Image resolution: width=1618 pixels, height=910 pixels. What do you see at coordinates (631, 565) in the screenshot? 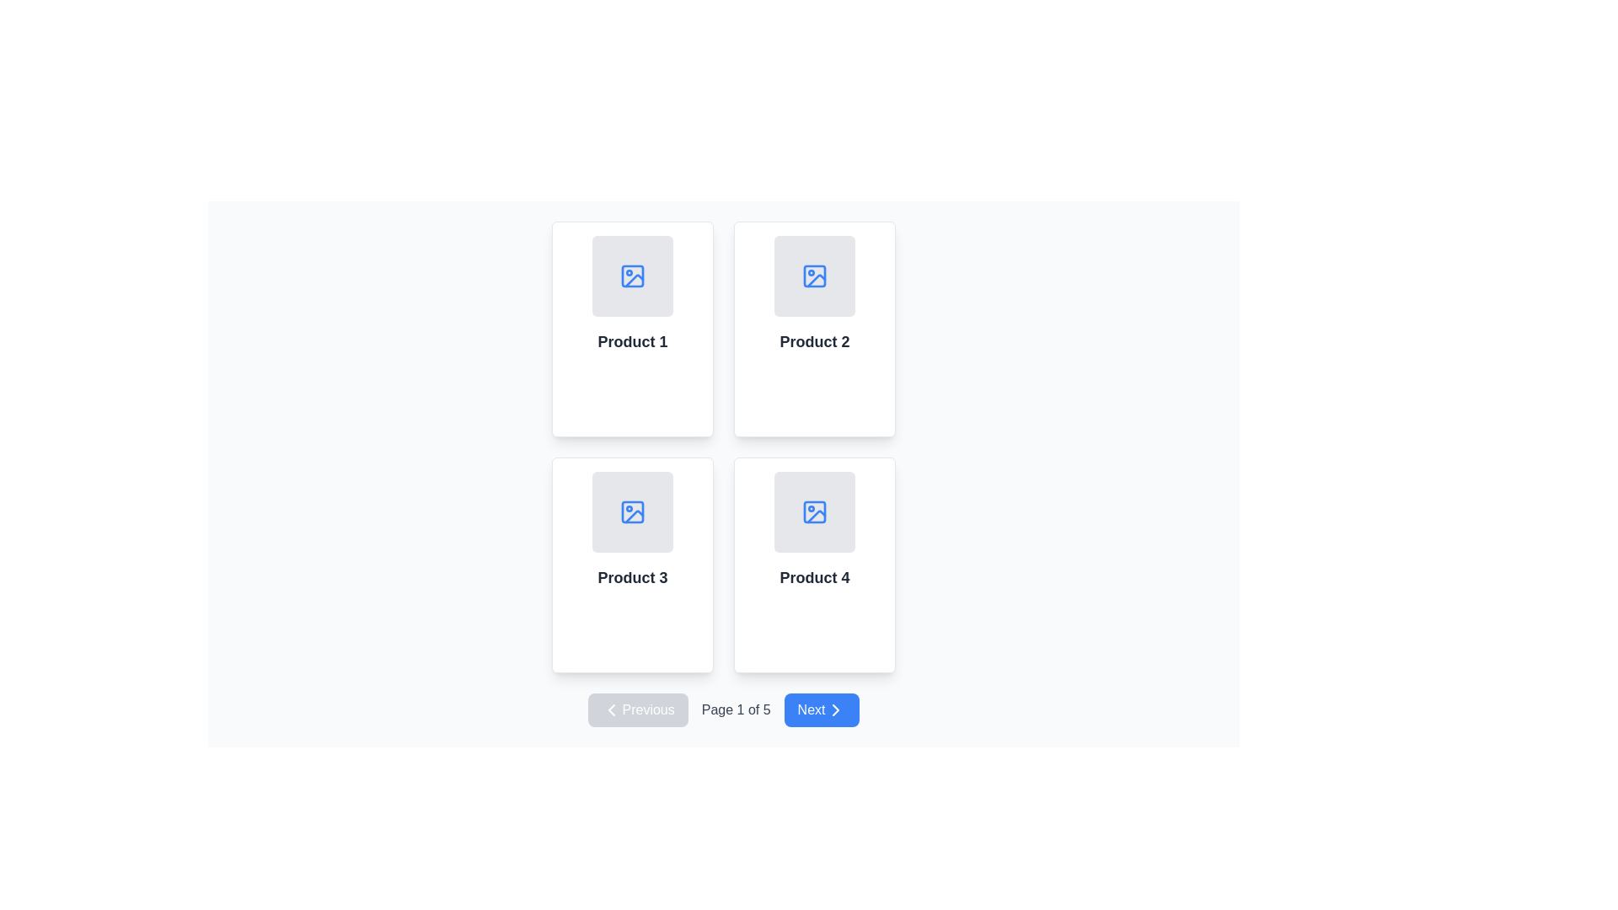
I see `on the product card located in the second row, first column of the grid layout` at bounding box center [631, 565].